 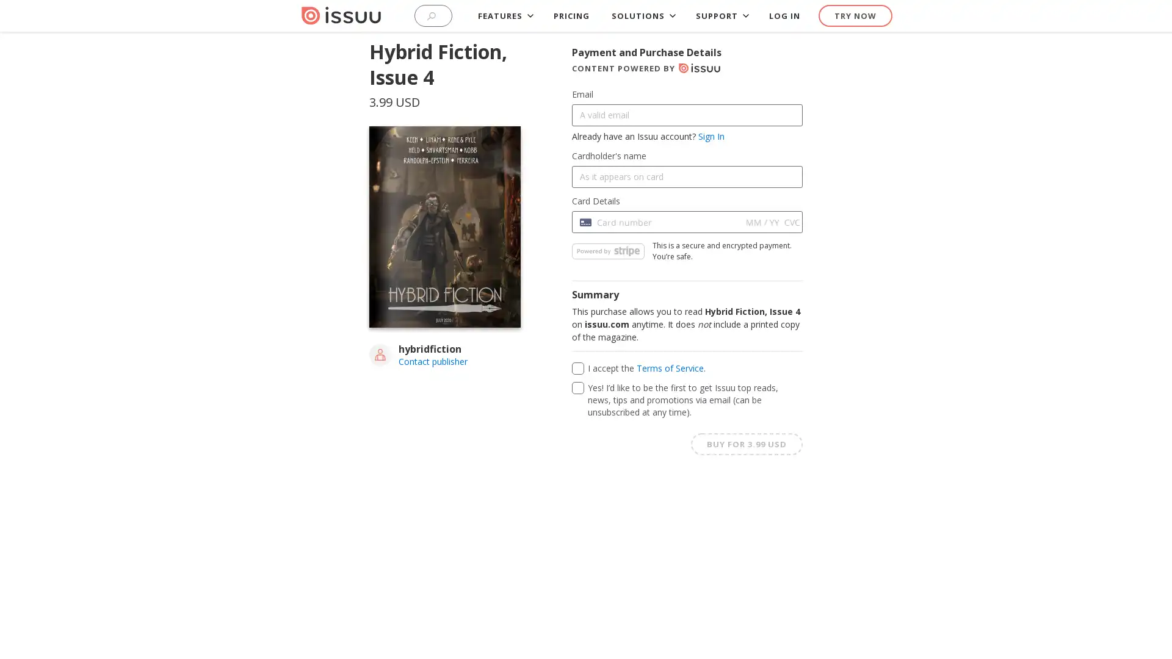 What do you see at coordinates (746, 443) in the screenshot?
I see `BUY FOR3.99 USD` at bounding box center [746, 443].